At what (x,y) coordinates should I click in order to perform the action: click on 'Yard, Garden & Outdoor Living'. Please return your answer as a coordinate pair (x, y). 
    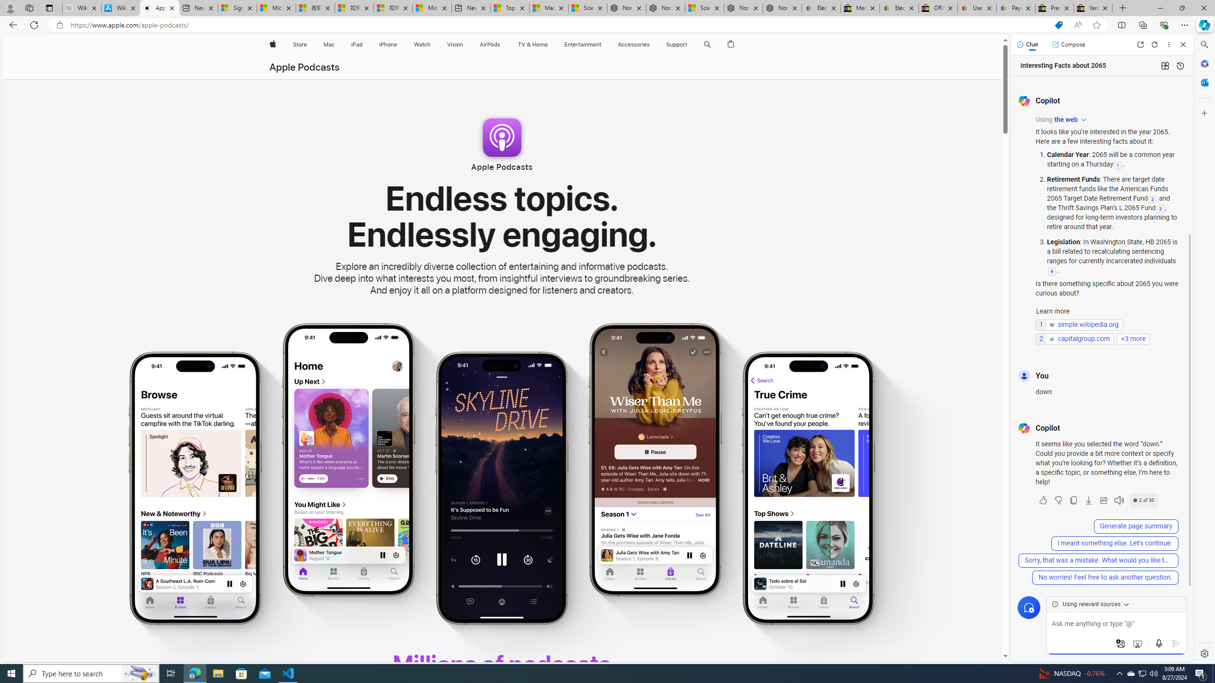
    Looking at the image, I should click on (1093, 8).